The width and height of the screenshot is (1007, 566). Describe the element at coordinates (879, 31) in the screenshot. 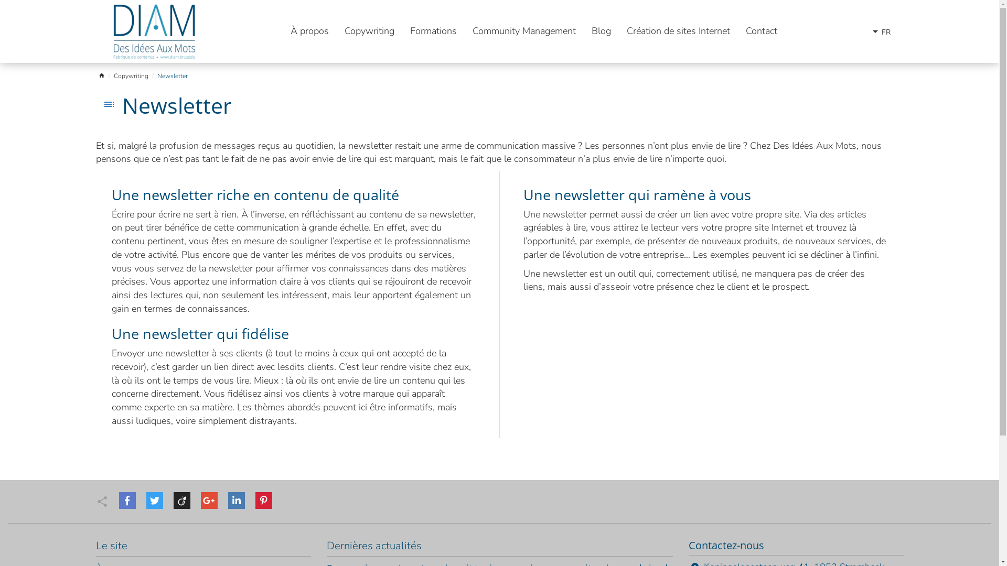

I see `'arrow_drop_downFR'` at that location.